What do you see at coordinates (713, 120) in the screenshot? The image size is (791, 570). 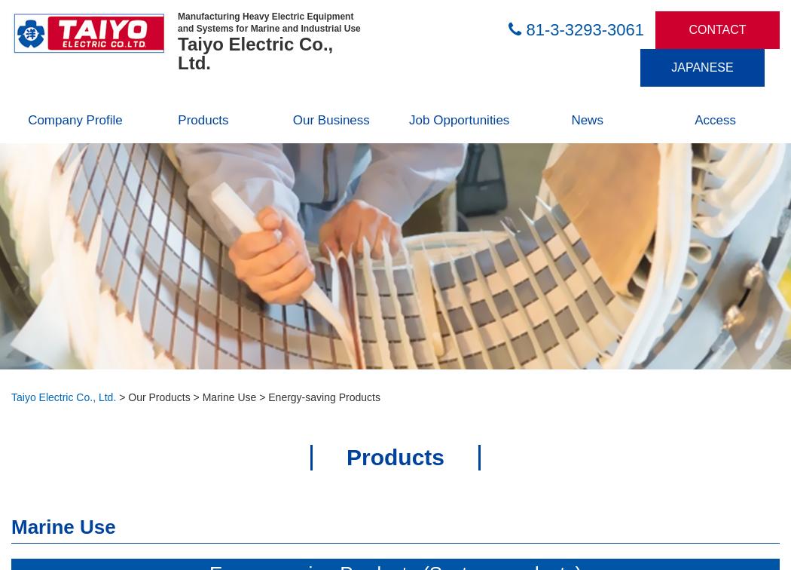 I see `'Access'` at bounding box center [713, 120].